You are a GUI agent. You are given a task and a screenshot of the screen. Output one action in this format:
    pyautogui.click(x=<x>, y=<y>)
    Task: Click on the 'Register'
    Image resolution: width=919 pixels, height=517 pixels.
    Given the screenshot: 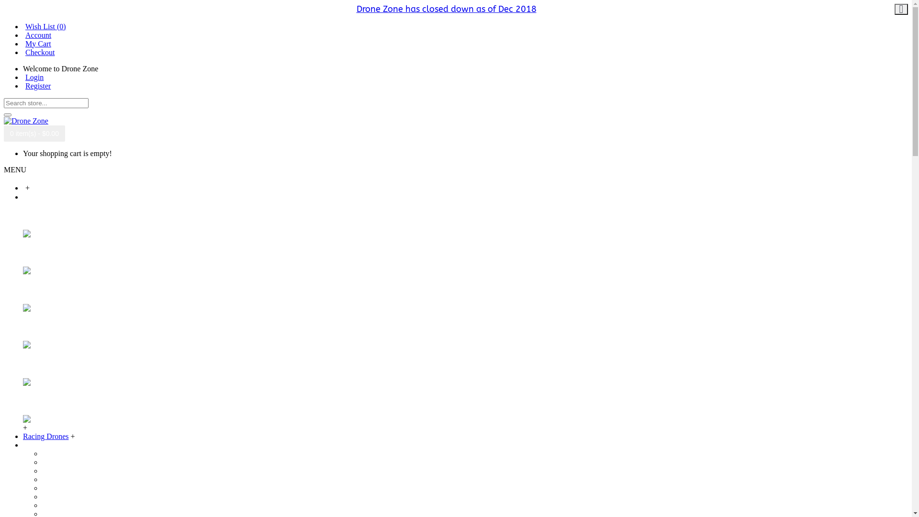 What is the action you would take?
    pyautogui.click(x=36, y=85)
    